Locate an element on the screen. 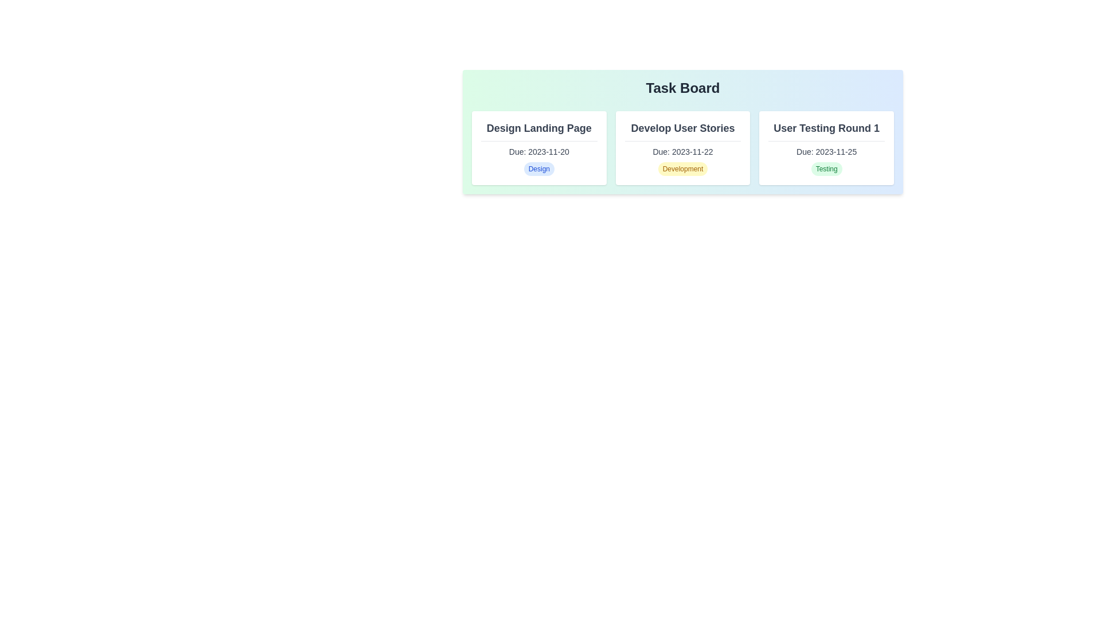  the task card for User Testing Round 1 to inspect its details is located at coordinates (826, 147).